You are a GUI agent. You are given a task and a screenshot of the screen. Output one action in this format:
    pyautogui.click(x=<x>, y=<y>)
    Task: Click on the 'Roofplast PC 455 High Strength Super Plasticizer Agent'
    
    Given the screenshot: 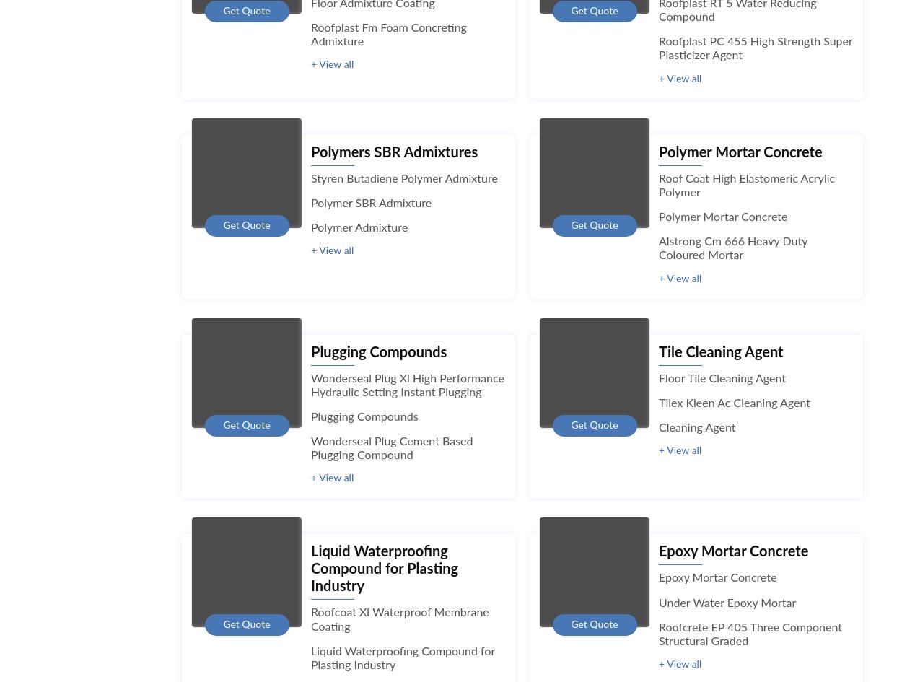 What is the action you would take?
    pyautogui.click(x=756, y=48)
    